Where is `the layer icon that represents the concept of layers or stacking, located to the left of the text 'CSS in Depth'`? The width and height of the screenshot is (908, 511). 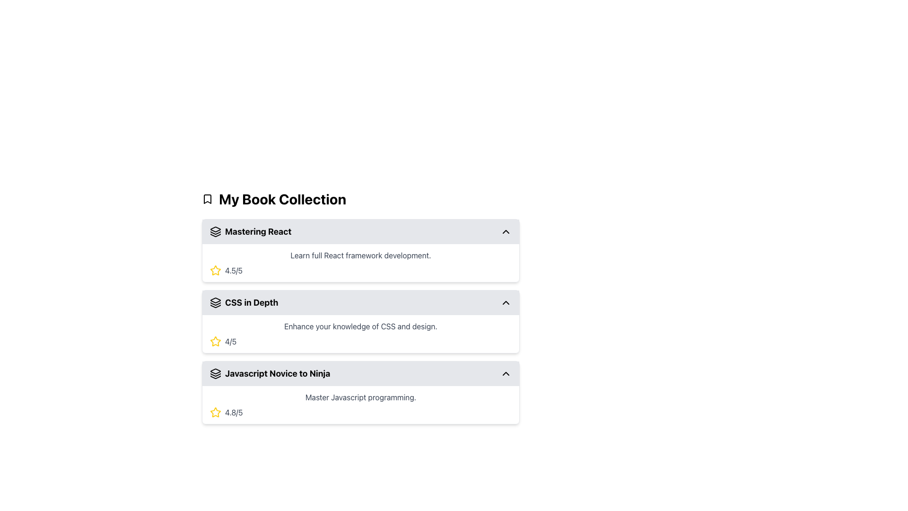 the layer icon that represents the concept of layers or stacking, located to the left of the text 'CSS in Depth' is located at coordinates (215, 303).